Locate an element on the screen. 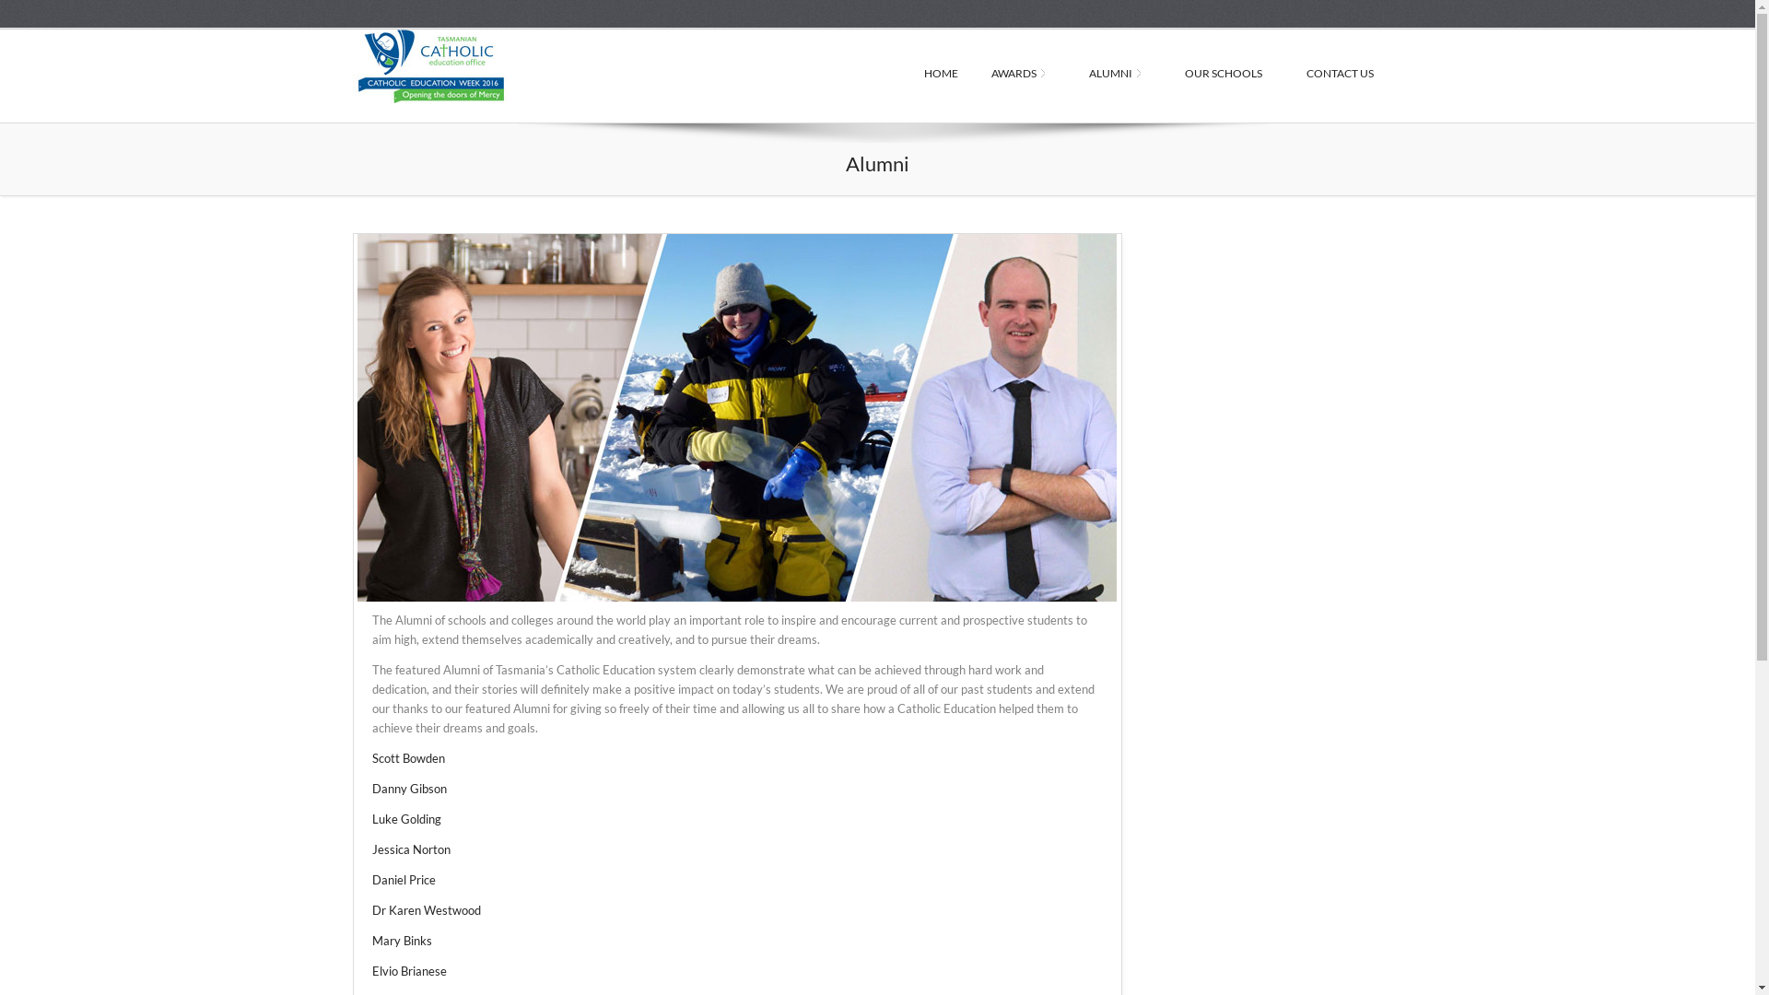  'ALUMNI ' is located at coordinates (1119, 74).